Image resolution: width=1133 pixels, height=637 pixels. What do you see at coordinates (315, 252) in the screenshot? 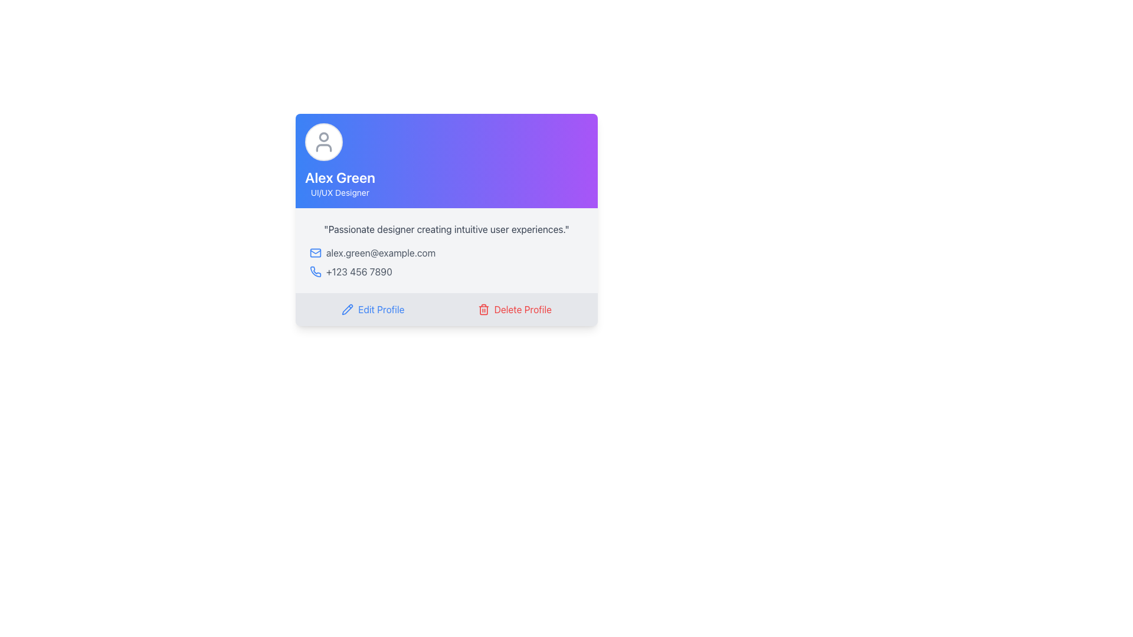
I see `the blue envelope icon representing the mail symbol, which is located to the left of the email address 'alex.green@example.com'` at bounding box center [315, 252].